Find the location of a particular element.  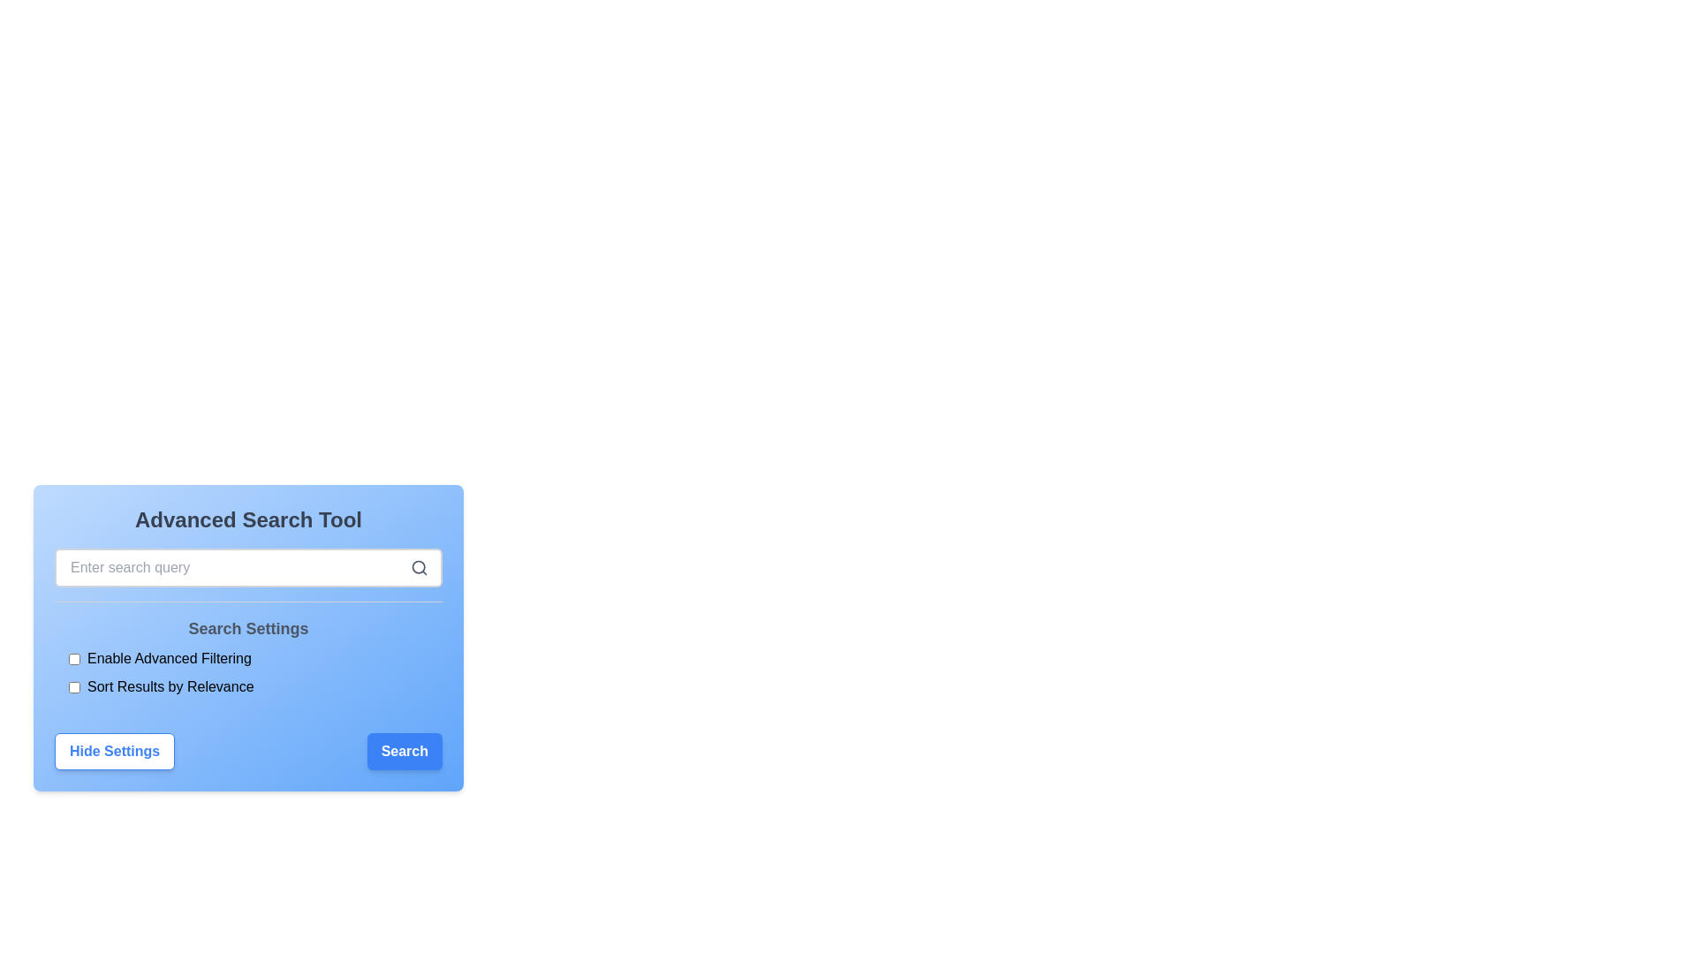

the blue rectangular button labeled 'Search' with white bold text to initiate the search action is located at coordinates (404, 752).